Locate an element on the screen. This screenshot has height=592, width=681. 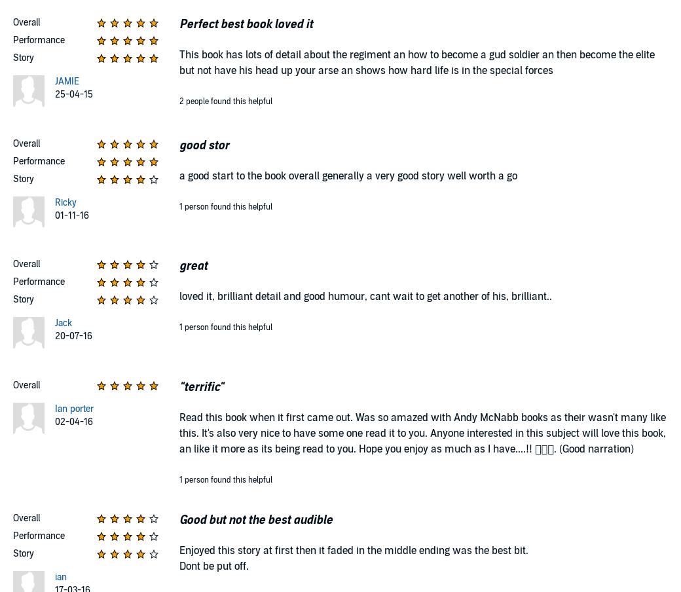
'Perfect best book loved it' is located at coordinates (179, 24).